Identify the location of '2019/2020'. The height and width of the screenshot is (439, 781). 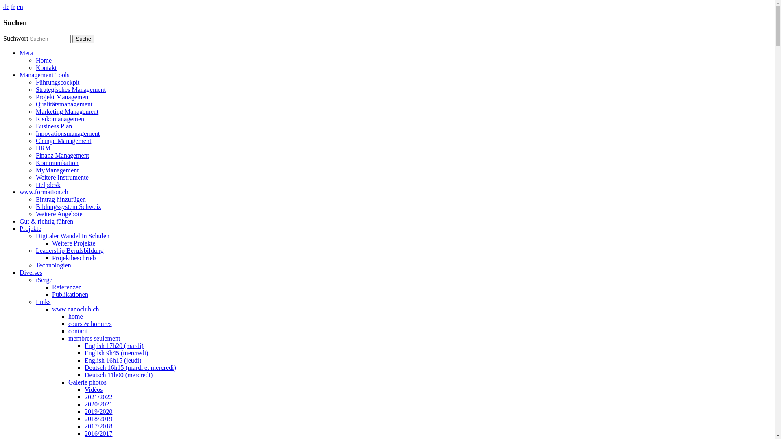
(98, 411).